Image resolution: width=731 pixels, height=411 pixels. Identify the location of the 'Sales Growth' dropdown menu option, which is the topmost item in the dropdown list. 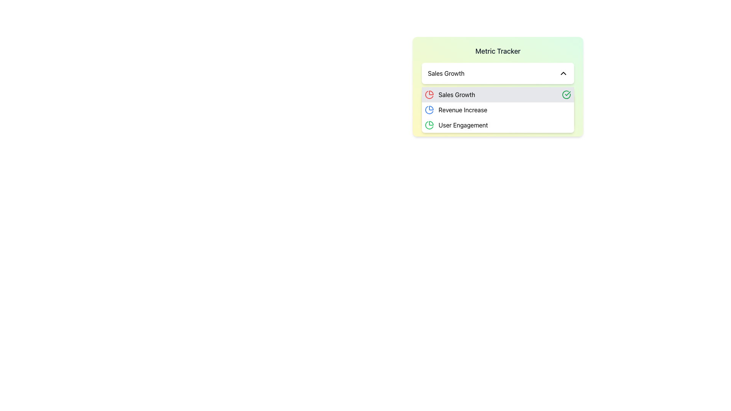
(498, 94).